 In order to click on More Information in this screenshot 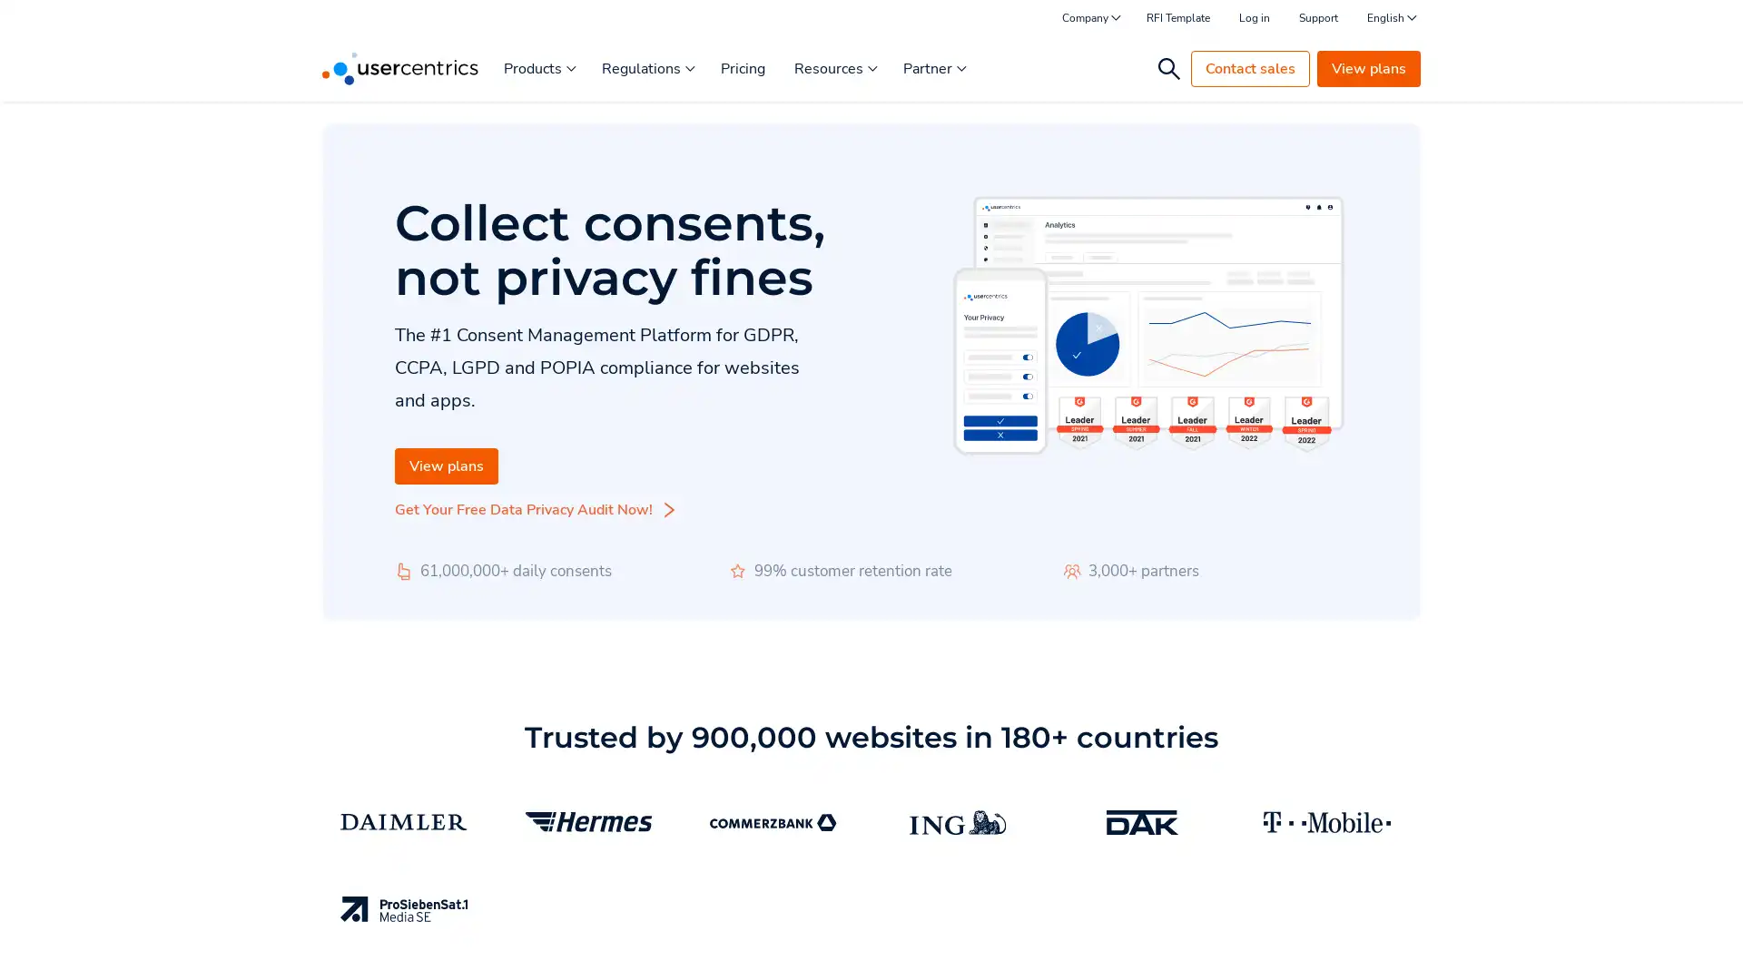, I will do `click(230, 925)`.